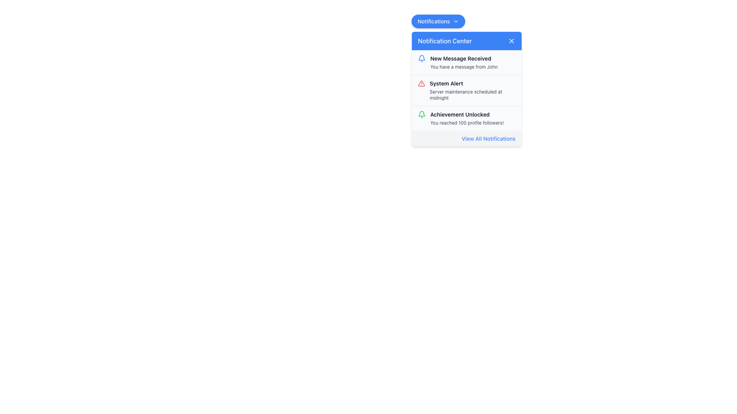 Image resolution: width=737 pixels, height=414 pixels. I want to click on the bold text label reading 'New Message Received' in the first notification item of the notification panel, so click(463, 58).